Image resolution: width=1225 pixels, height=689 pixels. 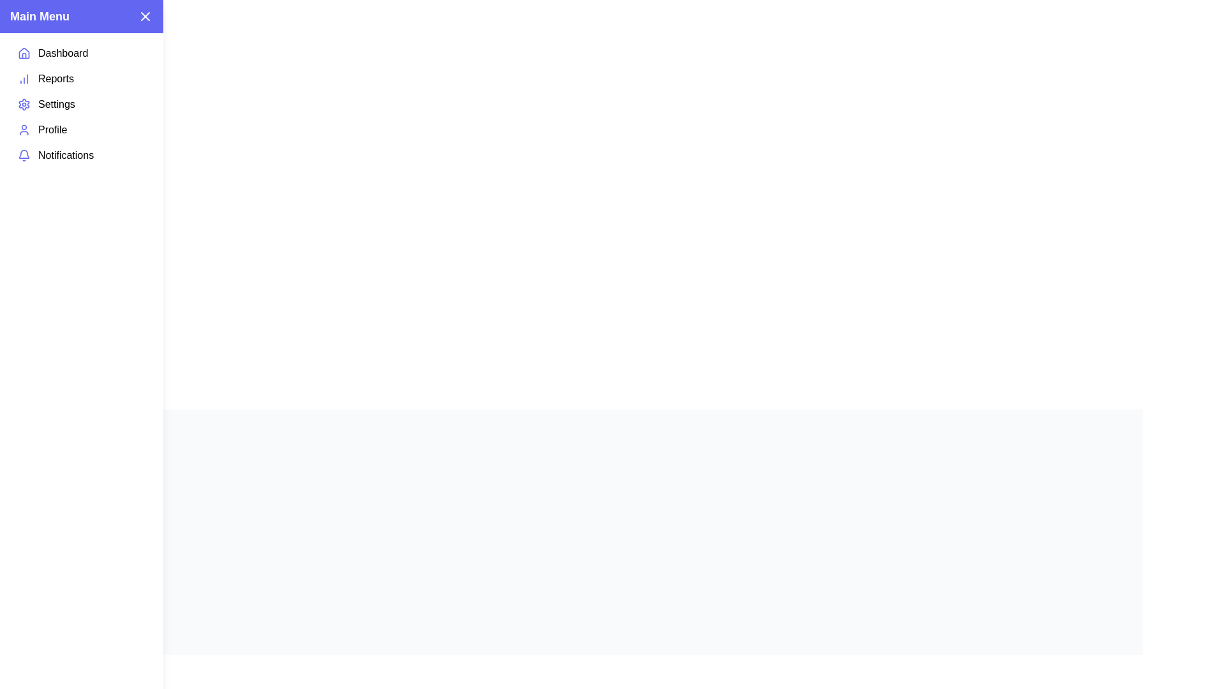 I want to click on the 'Reports' icon represented by a column chart to observe the associated tooltip or visual effect, so click(x=24, y=78).